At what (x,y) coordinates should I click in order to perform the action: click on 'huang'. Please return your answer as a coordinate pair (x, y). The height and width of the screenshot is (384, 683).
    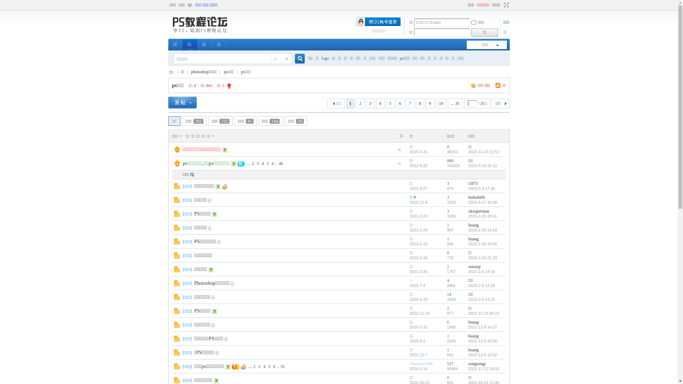
    Looking at the image, I should click on (468, 336).